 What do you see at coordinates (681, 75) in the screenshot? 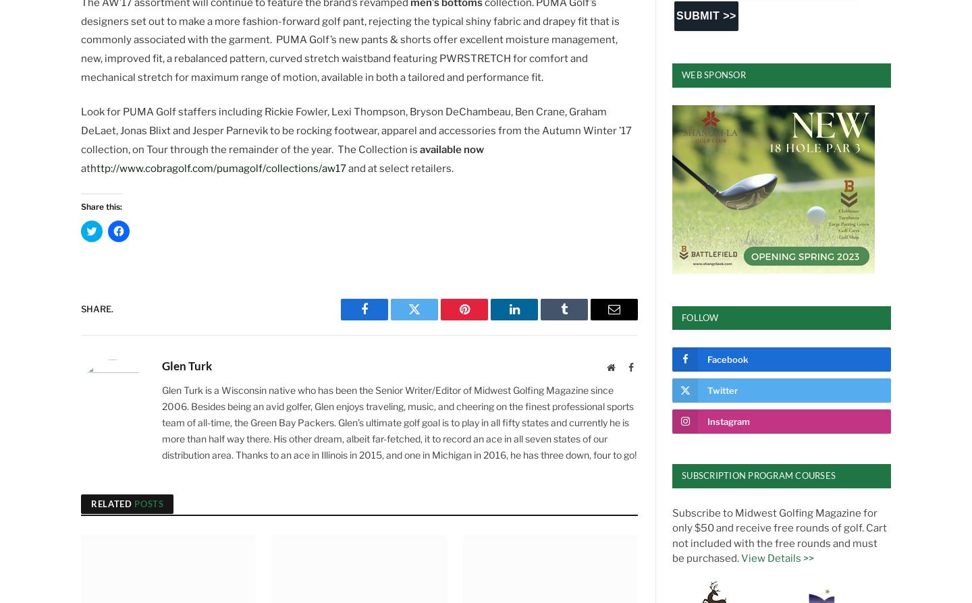
I see `'Web Sponsor'` at bounding box center [681, 75].